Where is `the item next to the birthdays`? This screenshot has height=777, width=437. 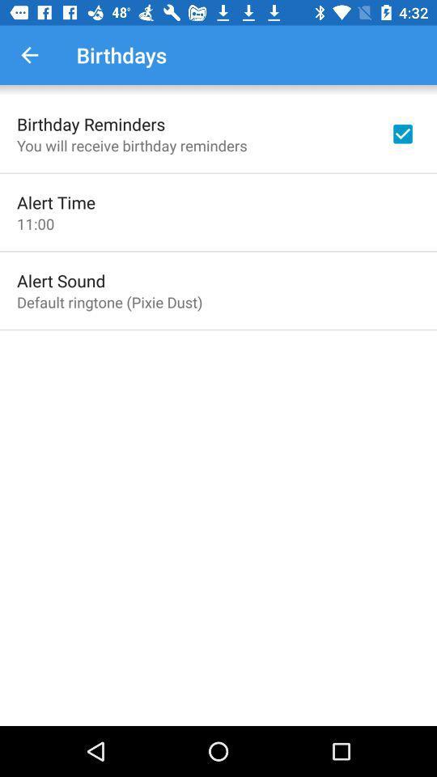
the item next to the birthdays is located at coordinates (29, 55).